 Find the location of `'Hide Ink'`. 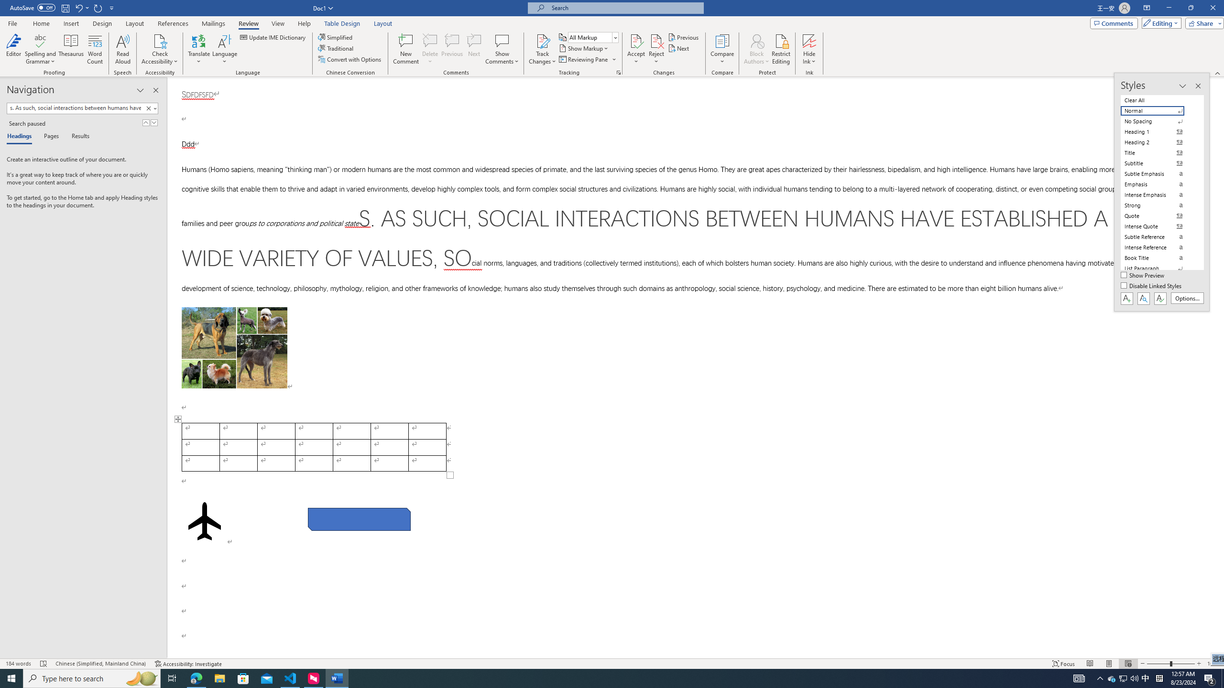

'Hide Ink' is located at coordinates (809, 49).